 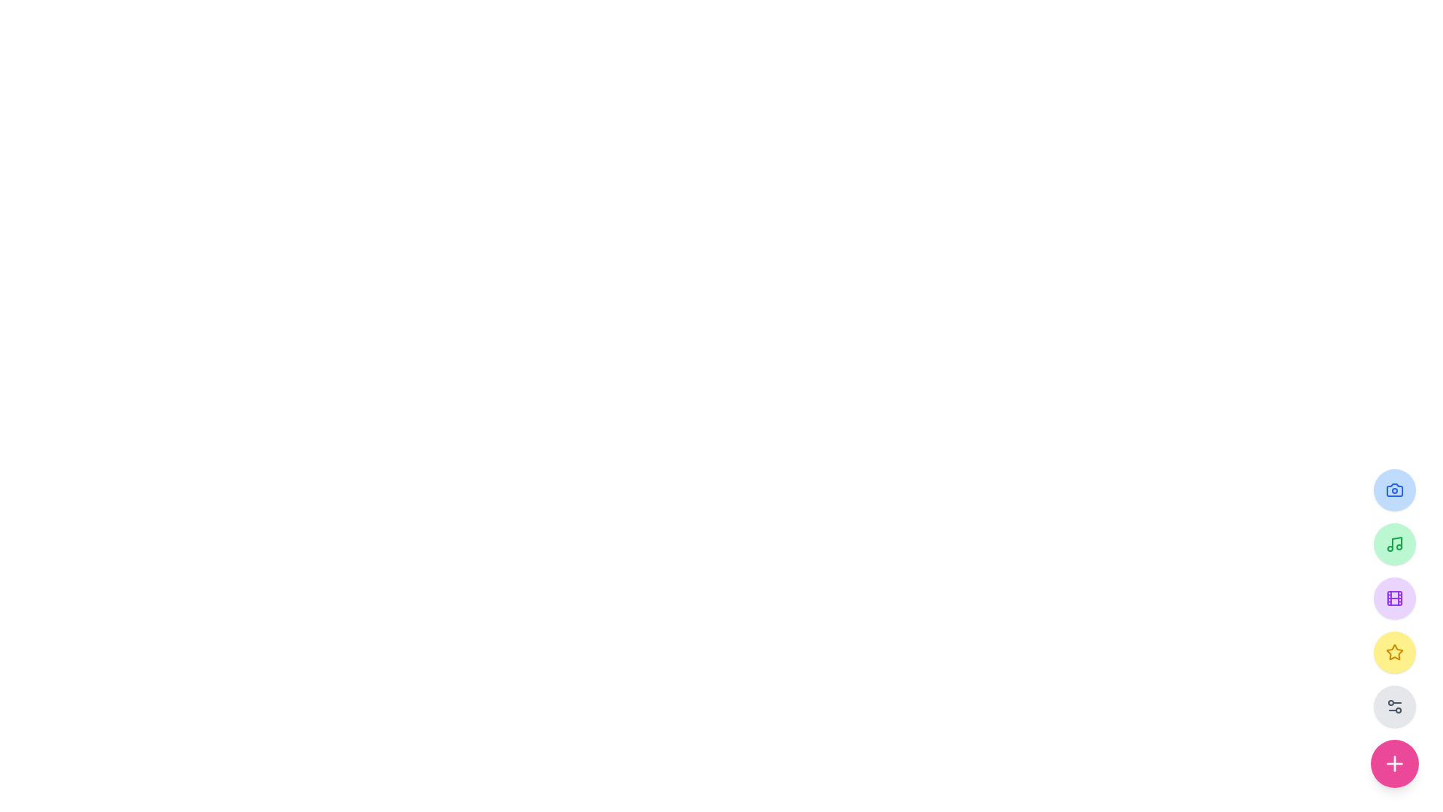 What do you see at coordinates (1394, 651) in the screenshot?
I see `the circular yellow button with a star icon to trigger a tooltip or visual feedback` at bounding box center [1394, 651].